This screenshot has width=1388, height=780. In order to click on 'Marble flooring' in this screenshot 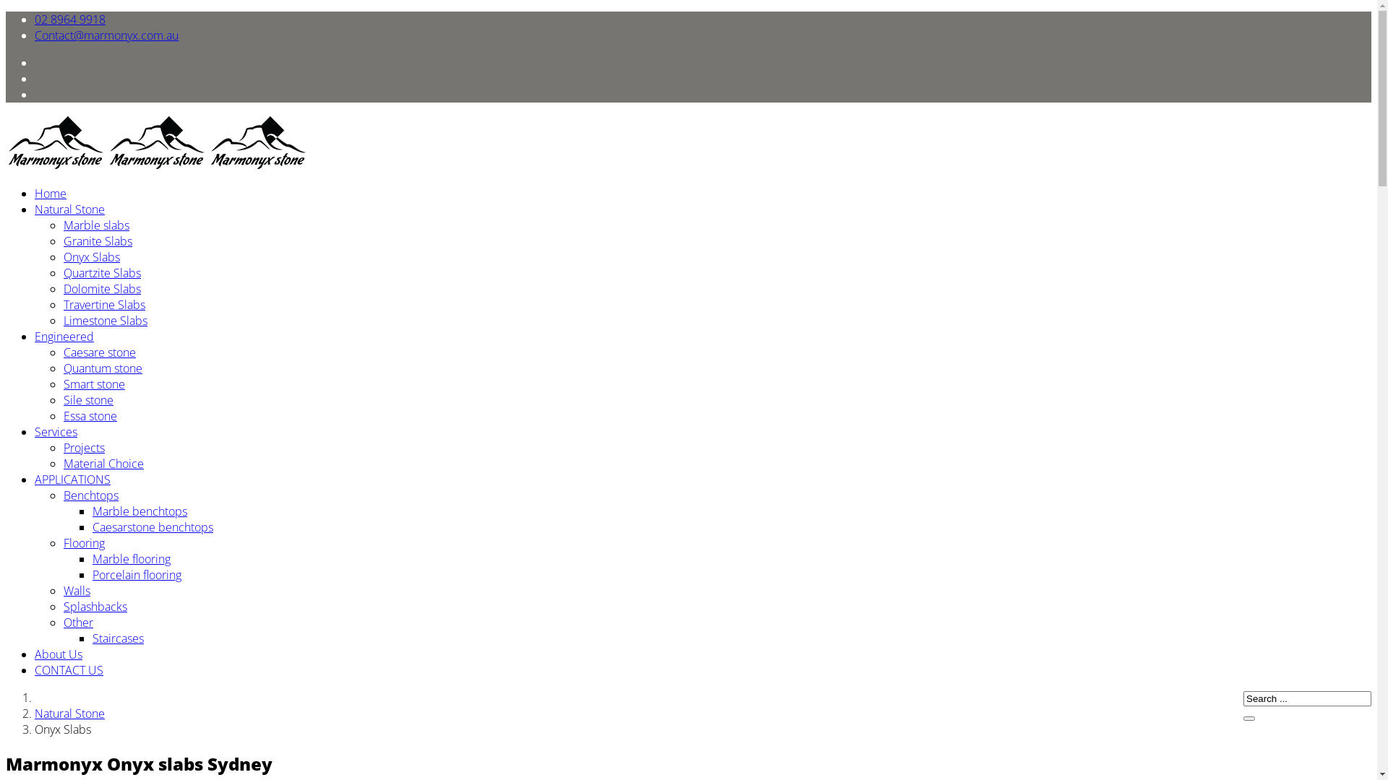, I will do `click(132, 558)`.